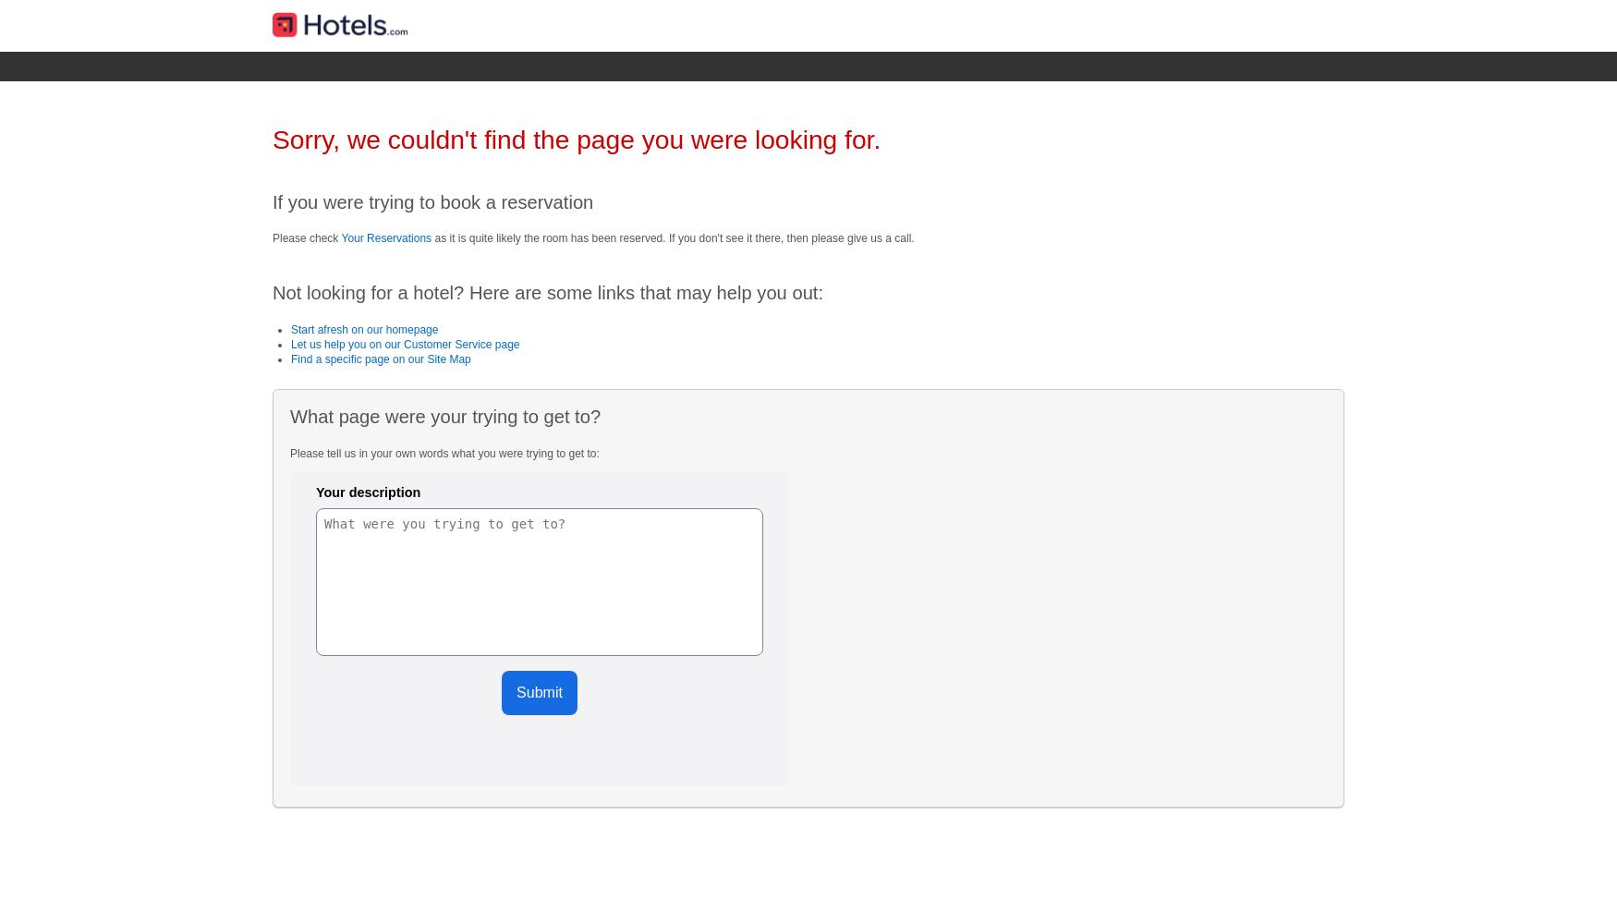 Image resolution: width=1617 pixels, height=924 pixels. I want to click on 'Your Reservations', so click(385, 237).